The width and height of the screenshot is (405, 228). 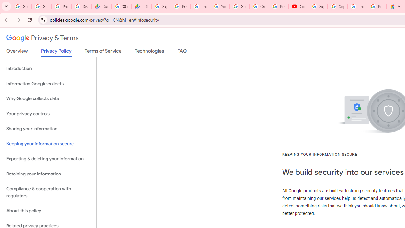 What do you see at coordinates (48, 144) in the screenshot?
I see `'Keeping your information secure'` at bounding box center [48, 144].